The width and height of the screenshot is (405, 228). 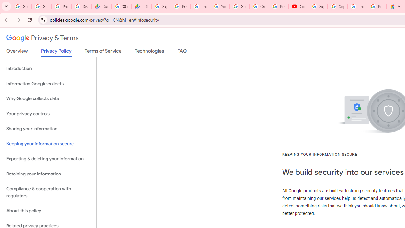 What do you see at coordinates (48, 144) in the screenshot?
I see `'Keeping your information secure'` at bounding box center [48, 144].